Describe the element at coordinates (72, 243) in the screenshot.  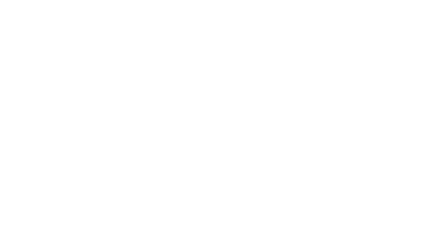
I see `'Copyright © Wellingborough School 2023'` at that location.